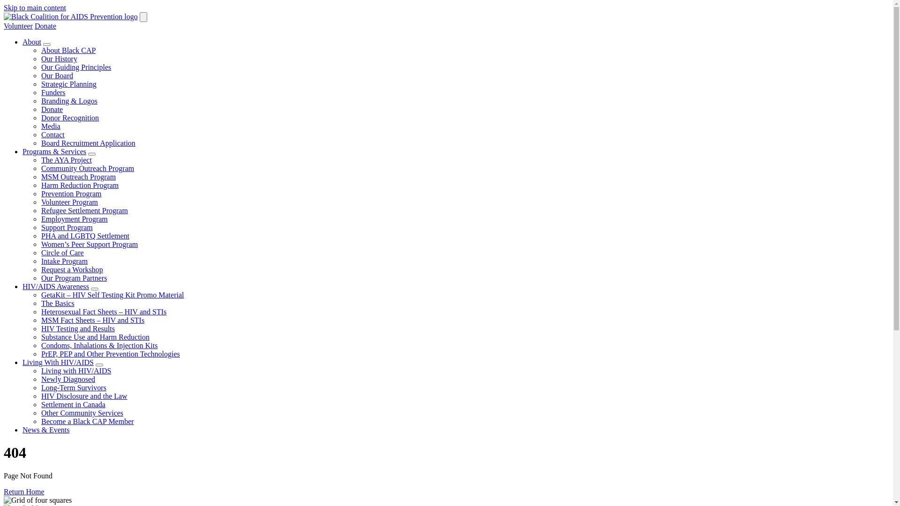  What do you see at coordinates (18, 25) in the screenshot?
I see `'Volunteer'` at bounding box center [18, 25].